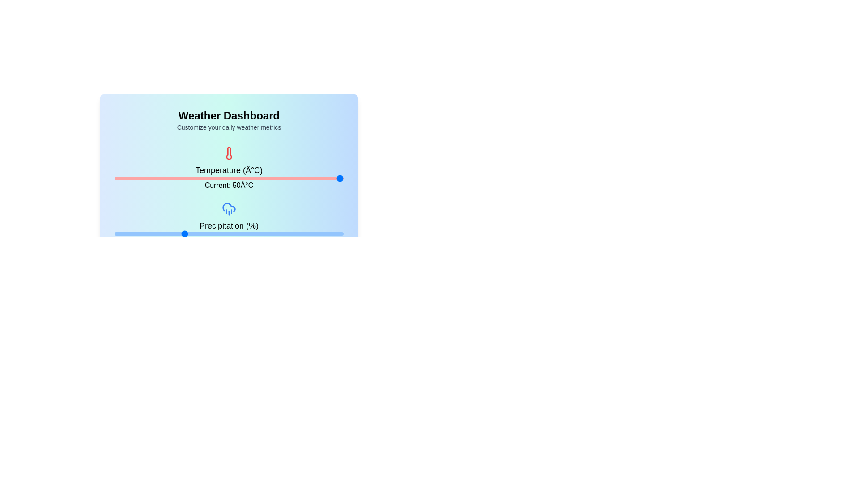 The height and width of the screenshot is (483, 859). Describe the element at coordinates (133, 178) in the screenshot. I see `temperature` at that location.